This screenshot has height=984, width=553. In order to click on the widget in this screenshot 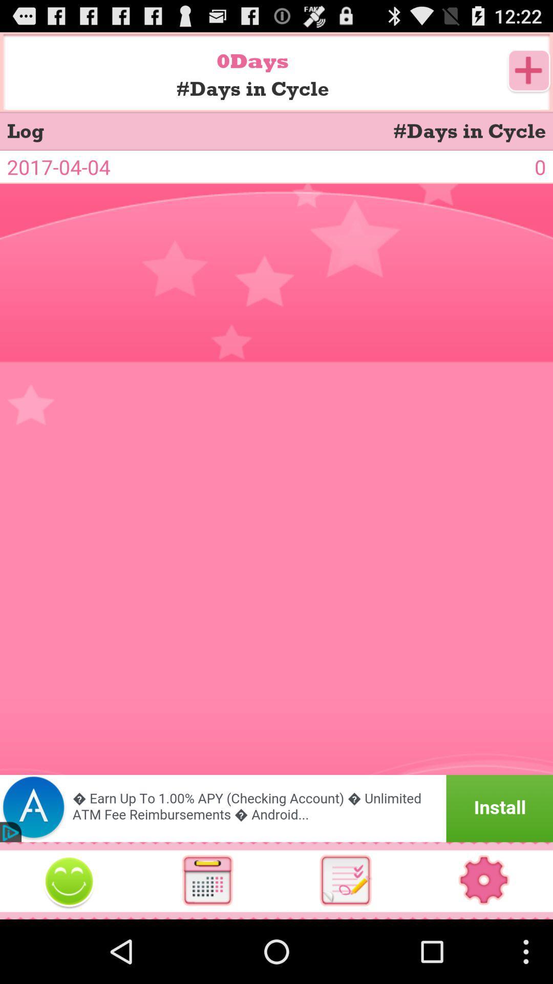, I will do `click(69, 880)`.